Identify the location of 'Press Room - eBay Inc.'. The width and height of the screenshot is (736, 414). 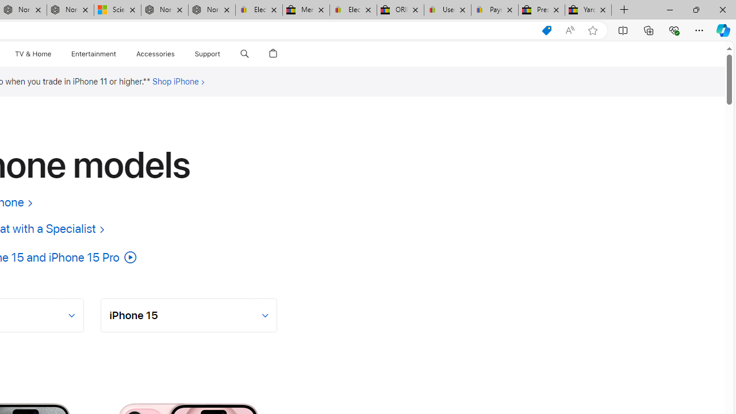
(541, 10).